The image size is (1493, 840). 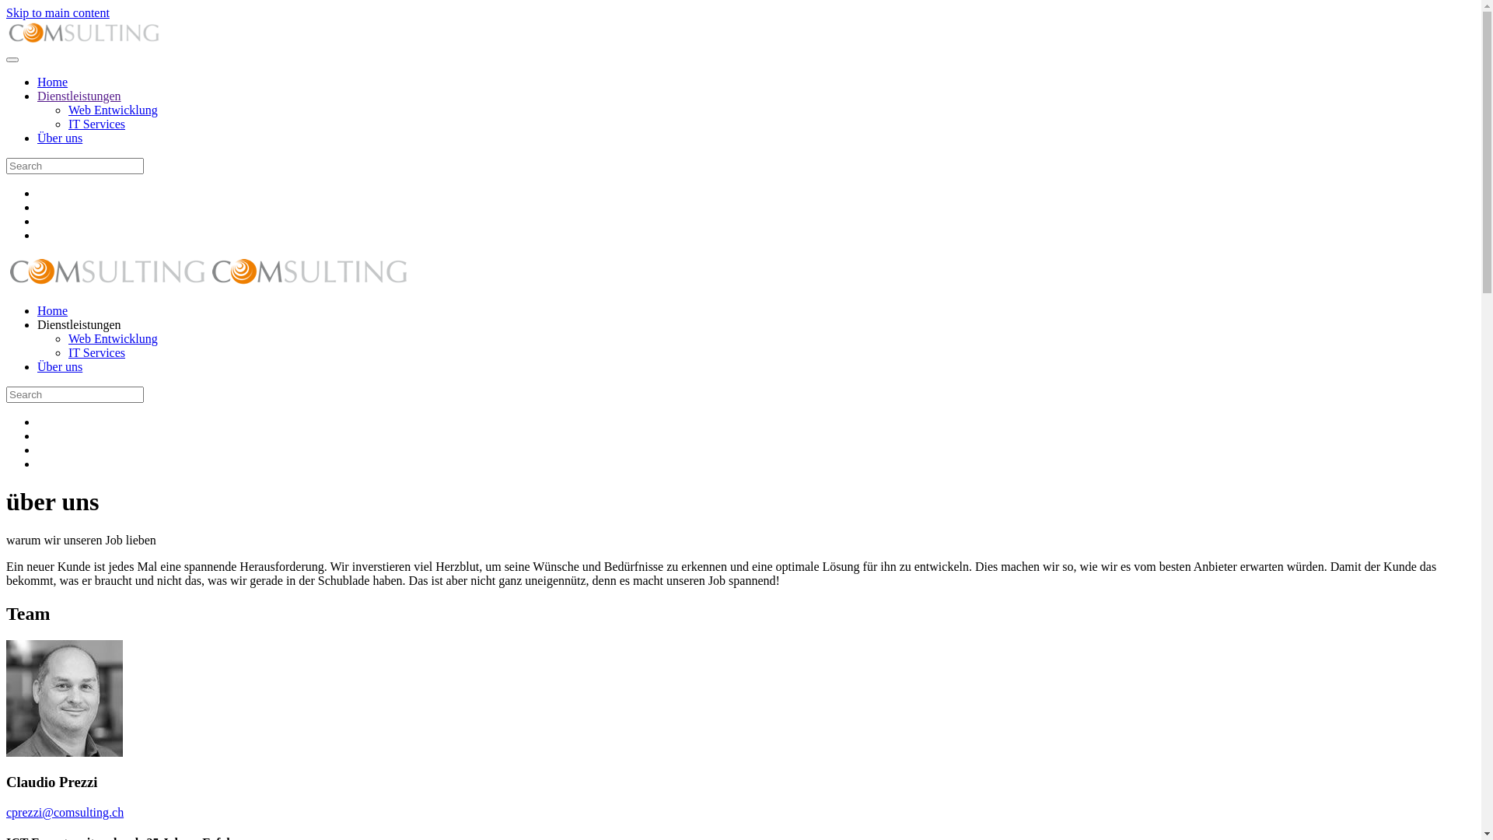 What do you see at coordinates (52, 310) in the screenshot?
I see `'Home'` at bounding box center [52, 310].